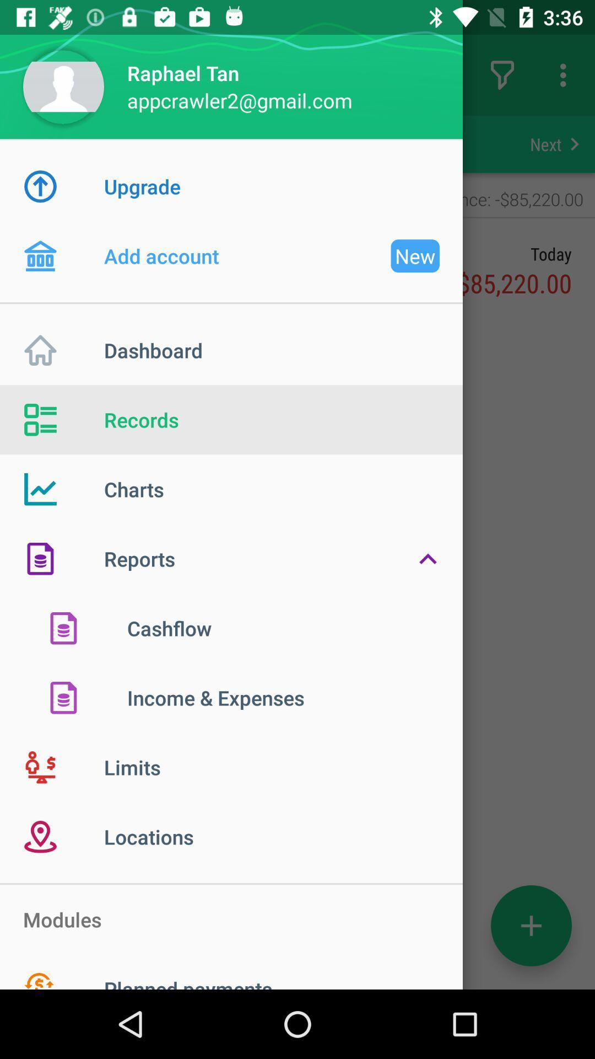 This screenshot has width=595, height=1059. What do you see at coordinates (531, 926) in the screenshot?
I see `the add icon` at bounding box center [531, 926].